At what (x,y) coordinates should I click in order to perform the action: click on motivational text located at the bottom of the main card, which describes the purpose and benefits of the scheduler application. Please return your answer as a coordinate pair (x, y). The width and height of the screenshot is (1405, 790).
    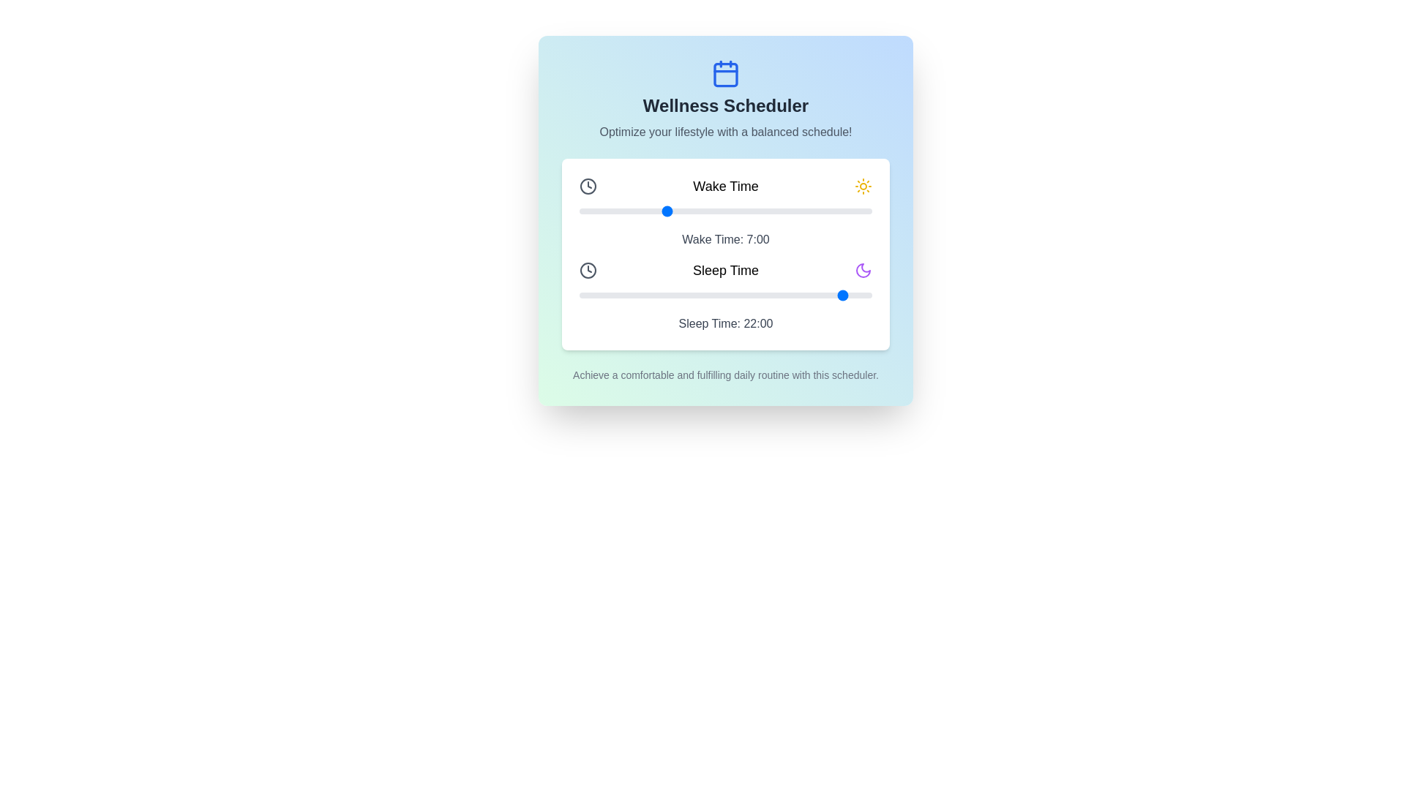
    Looking at the image, I should click on (726, 375).